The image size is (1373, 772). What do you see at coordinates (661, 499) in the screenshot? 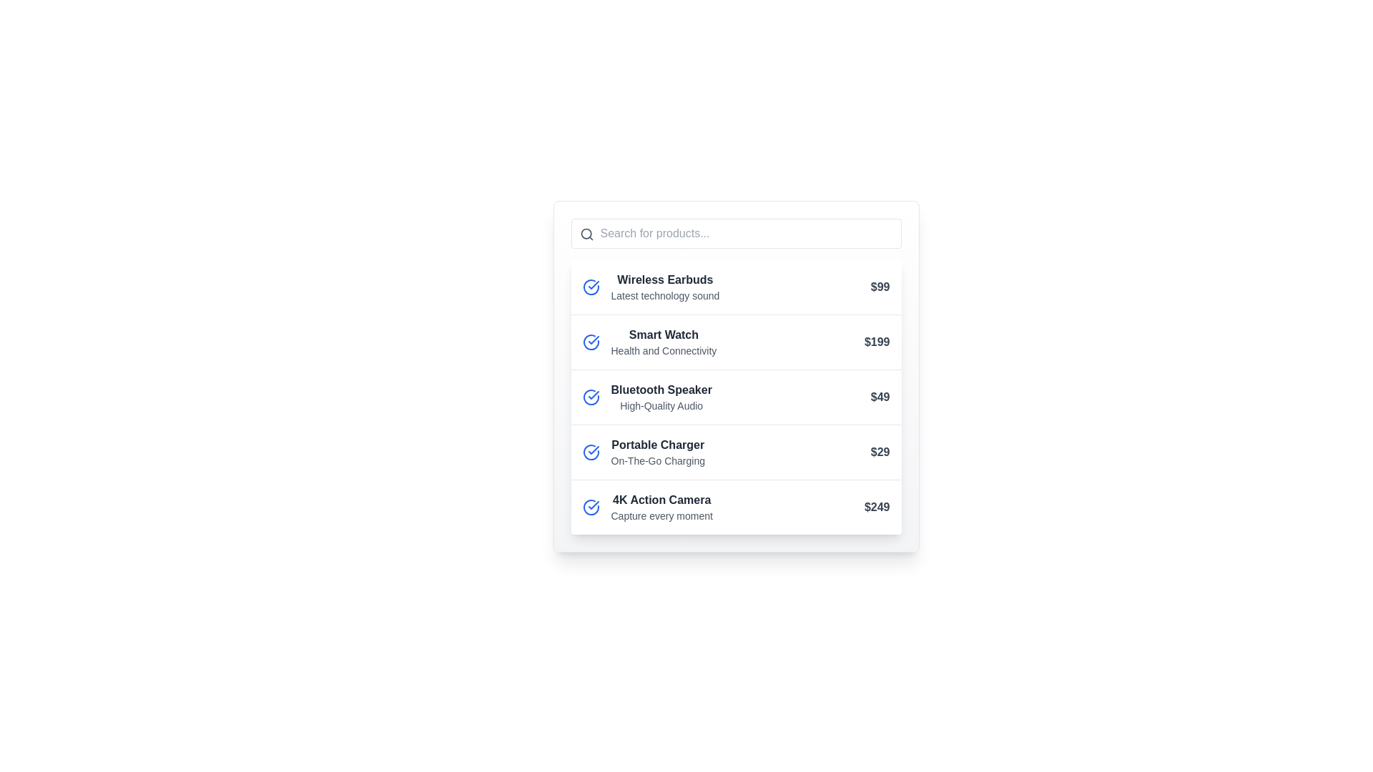
I see `text from the product title label located in the fifth row of the product listing, aligned with a descriptive text below it and a price above it` at bounding box center [661, 499].